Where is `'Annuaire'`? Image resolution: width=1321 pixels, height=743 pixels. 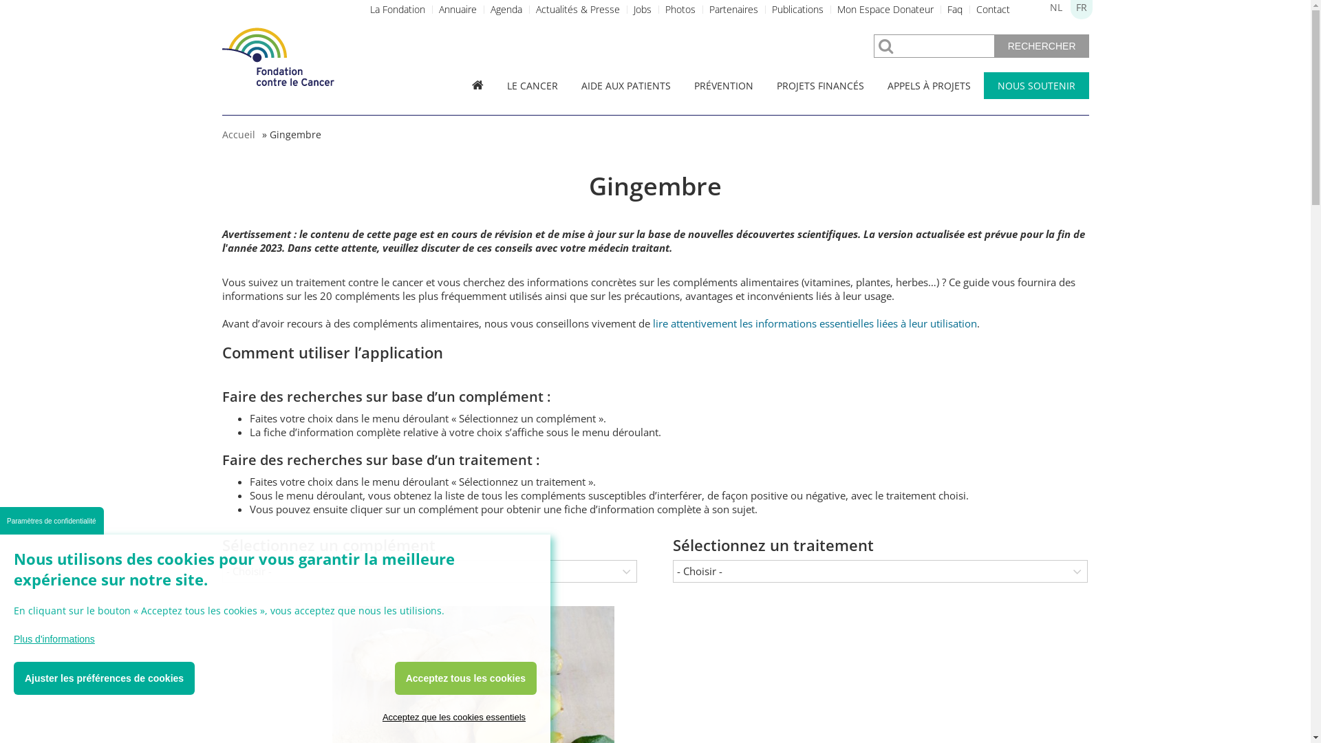
'Annuaire' is located at coordinates (458, 9).